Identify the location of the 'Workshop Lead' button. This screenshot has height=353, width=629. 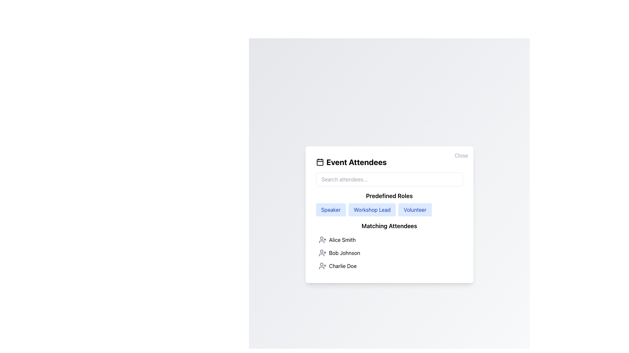
(372, 210).